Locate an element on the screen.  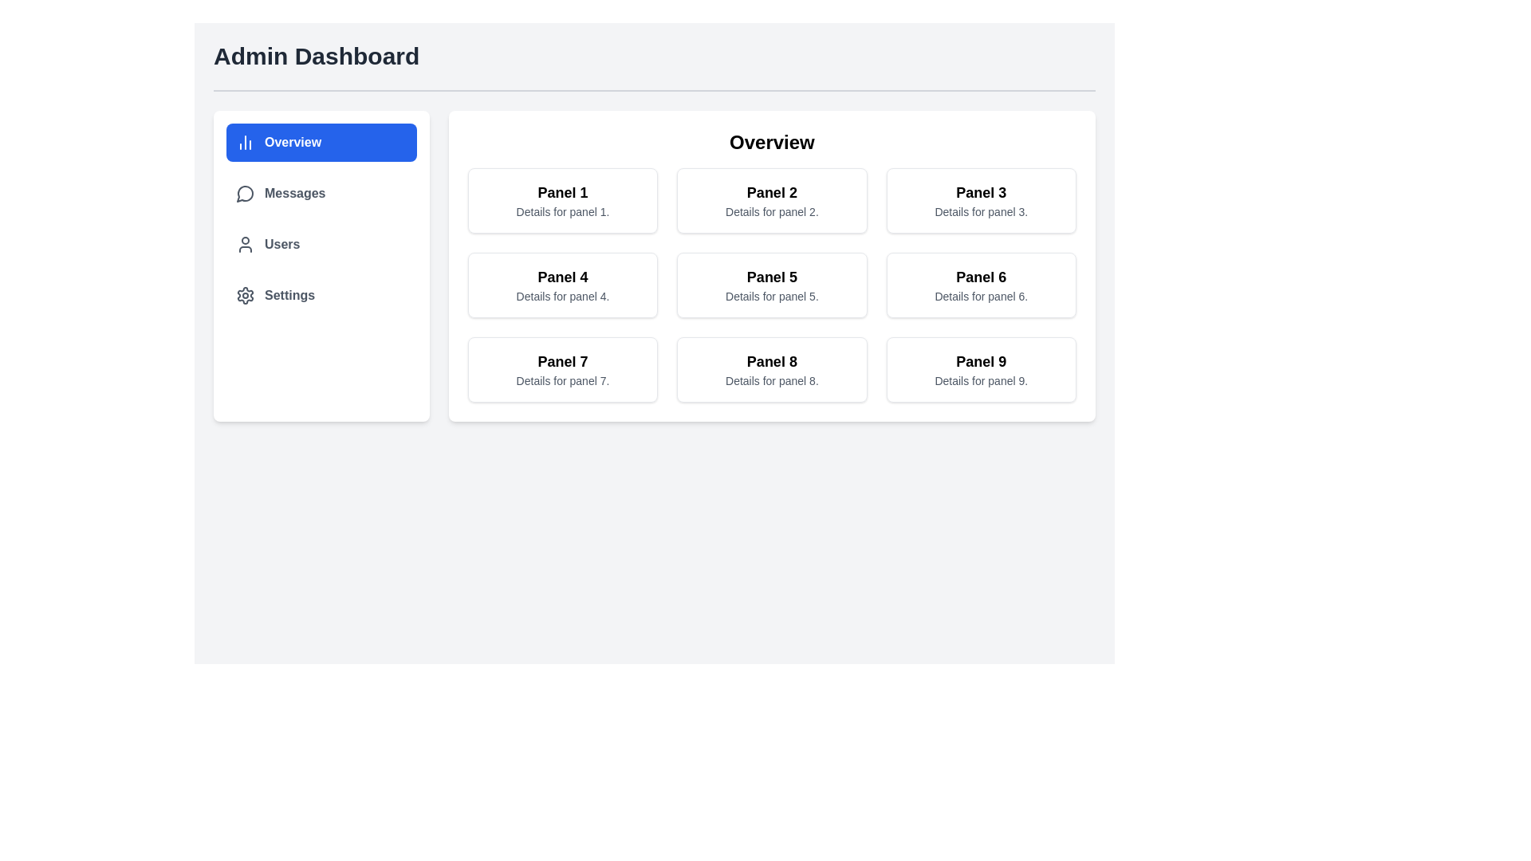
text content of the heading element displaying 'Panel 7', which is located in the center column of the third row within the grid layout under the 'Overview' section is located at coordinates (562, 362).